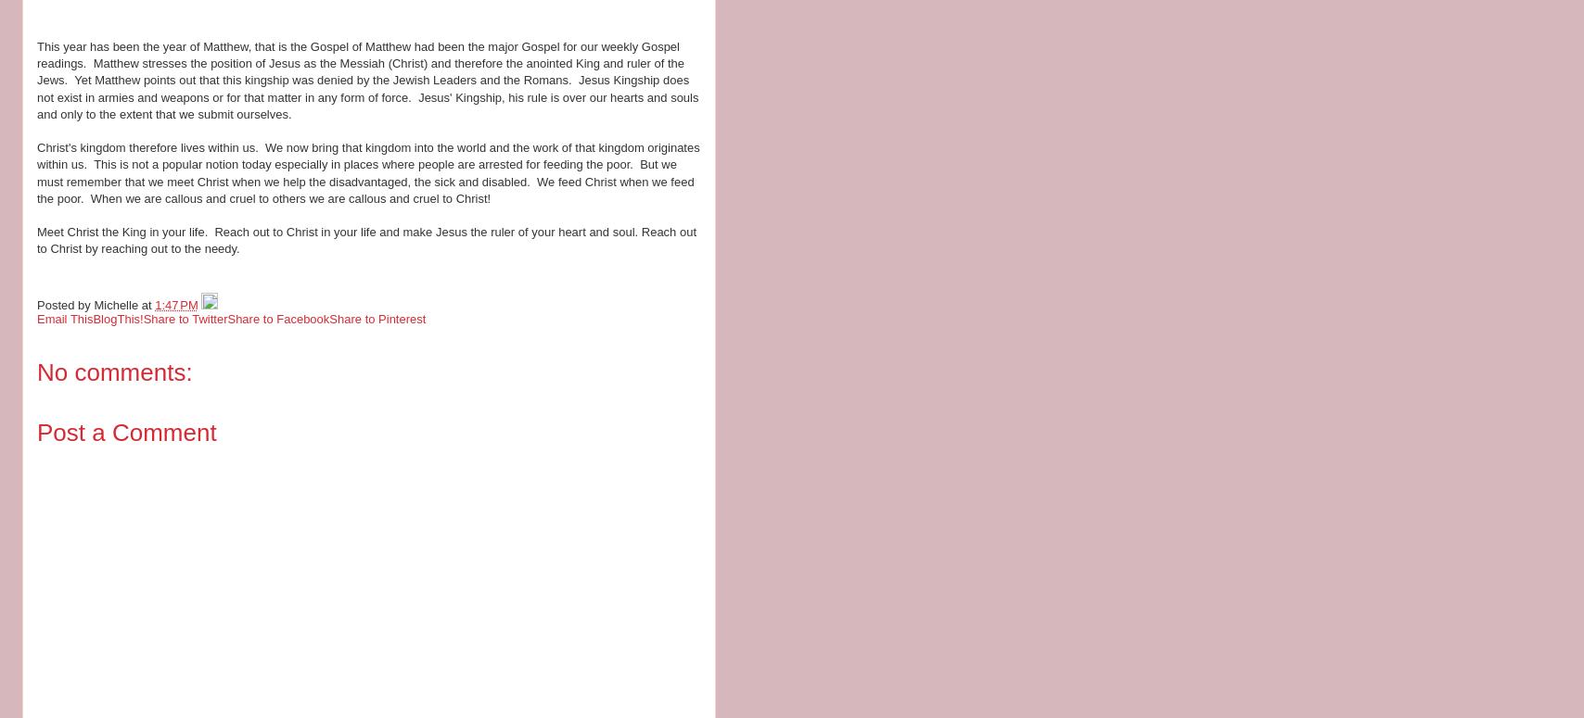 The height and width of the screenshot is (718, 1584). I want to click on 'Michelle', so click(93, 304).